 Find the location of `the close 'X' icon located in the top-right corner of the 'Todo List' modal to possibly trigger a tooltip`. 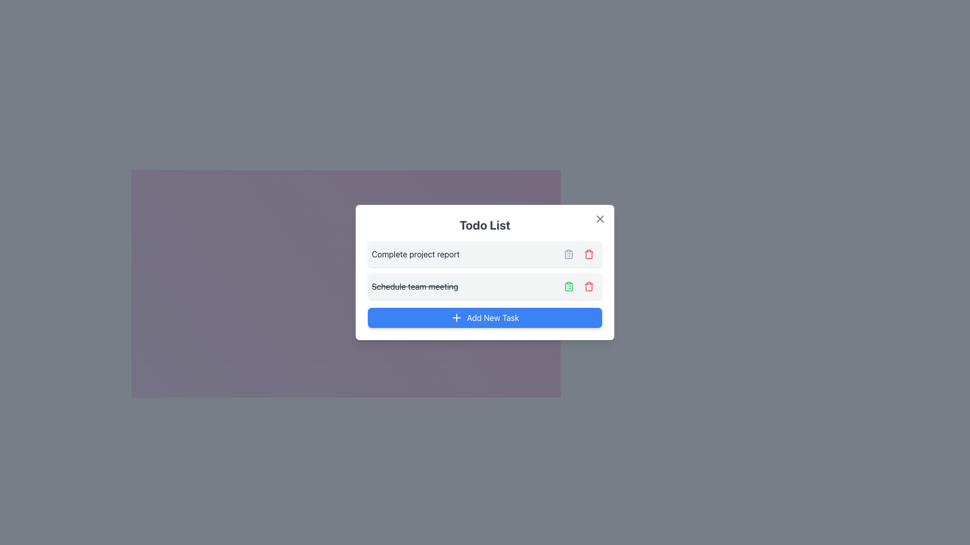

the close 'X' icon located in the top-right corner of the 'Todo List' modal to possibly trigger a tooltip is located at coordinates (600, 219).